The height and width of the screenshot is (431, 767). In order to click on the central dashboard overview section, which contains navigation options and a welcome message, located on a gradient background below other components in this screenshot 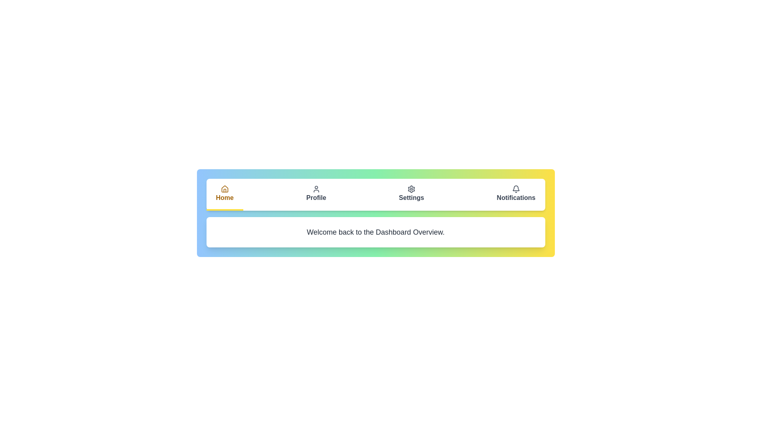, I will do `click(375, 212)`.